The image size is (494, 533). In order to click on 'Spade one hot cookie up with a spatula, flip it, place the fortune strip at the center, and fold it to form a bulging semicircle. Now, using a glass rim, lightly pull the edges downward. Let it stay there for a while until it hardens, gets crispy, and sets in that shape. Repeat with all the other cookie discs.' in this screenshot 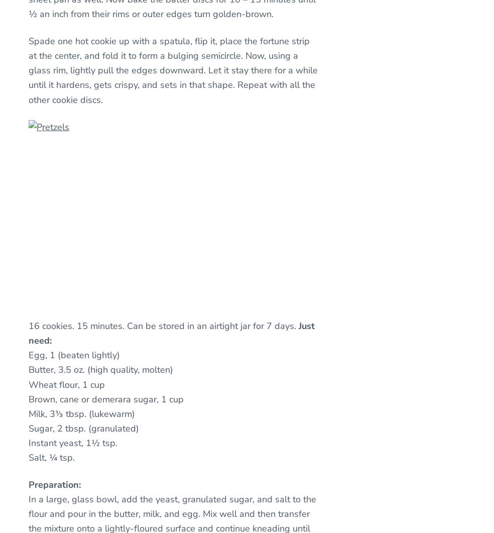, I will do `click(28, 70)`.